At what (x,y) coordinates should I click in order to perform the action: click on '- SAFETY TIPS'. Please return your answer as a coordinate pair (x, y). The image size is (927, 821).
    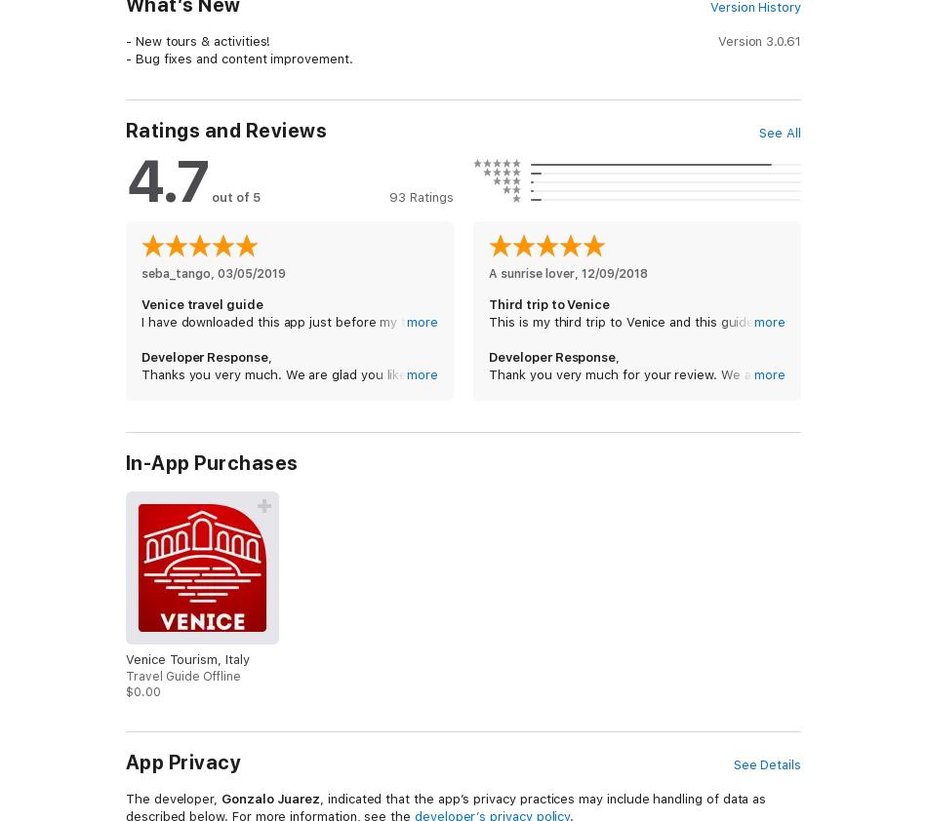
    Looking at the image, I should click on (170, 142).